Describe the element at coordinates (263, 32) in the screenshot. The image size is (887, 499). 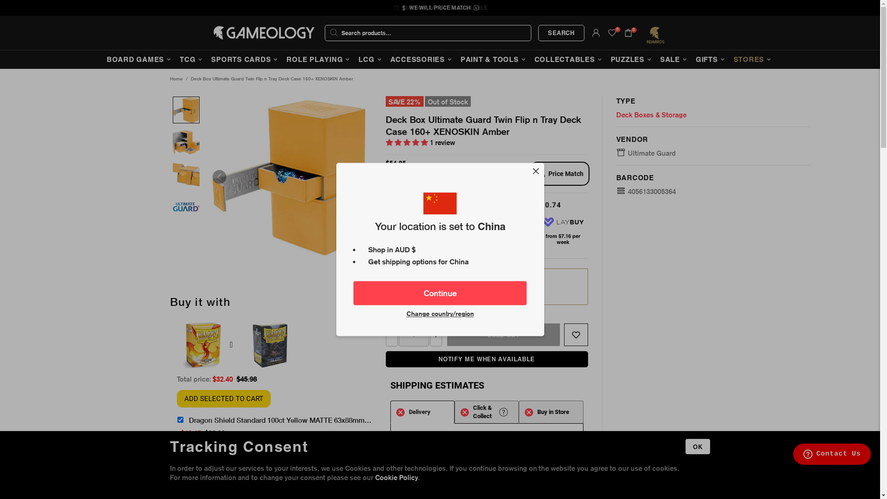
I see `'Gameology'` at that location.